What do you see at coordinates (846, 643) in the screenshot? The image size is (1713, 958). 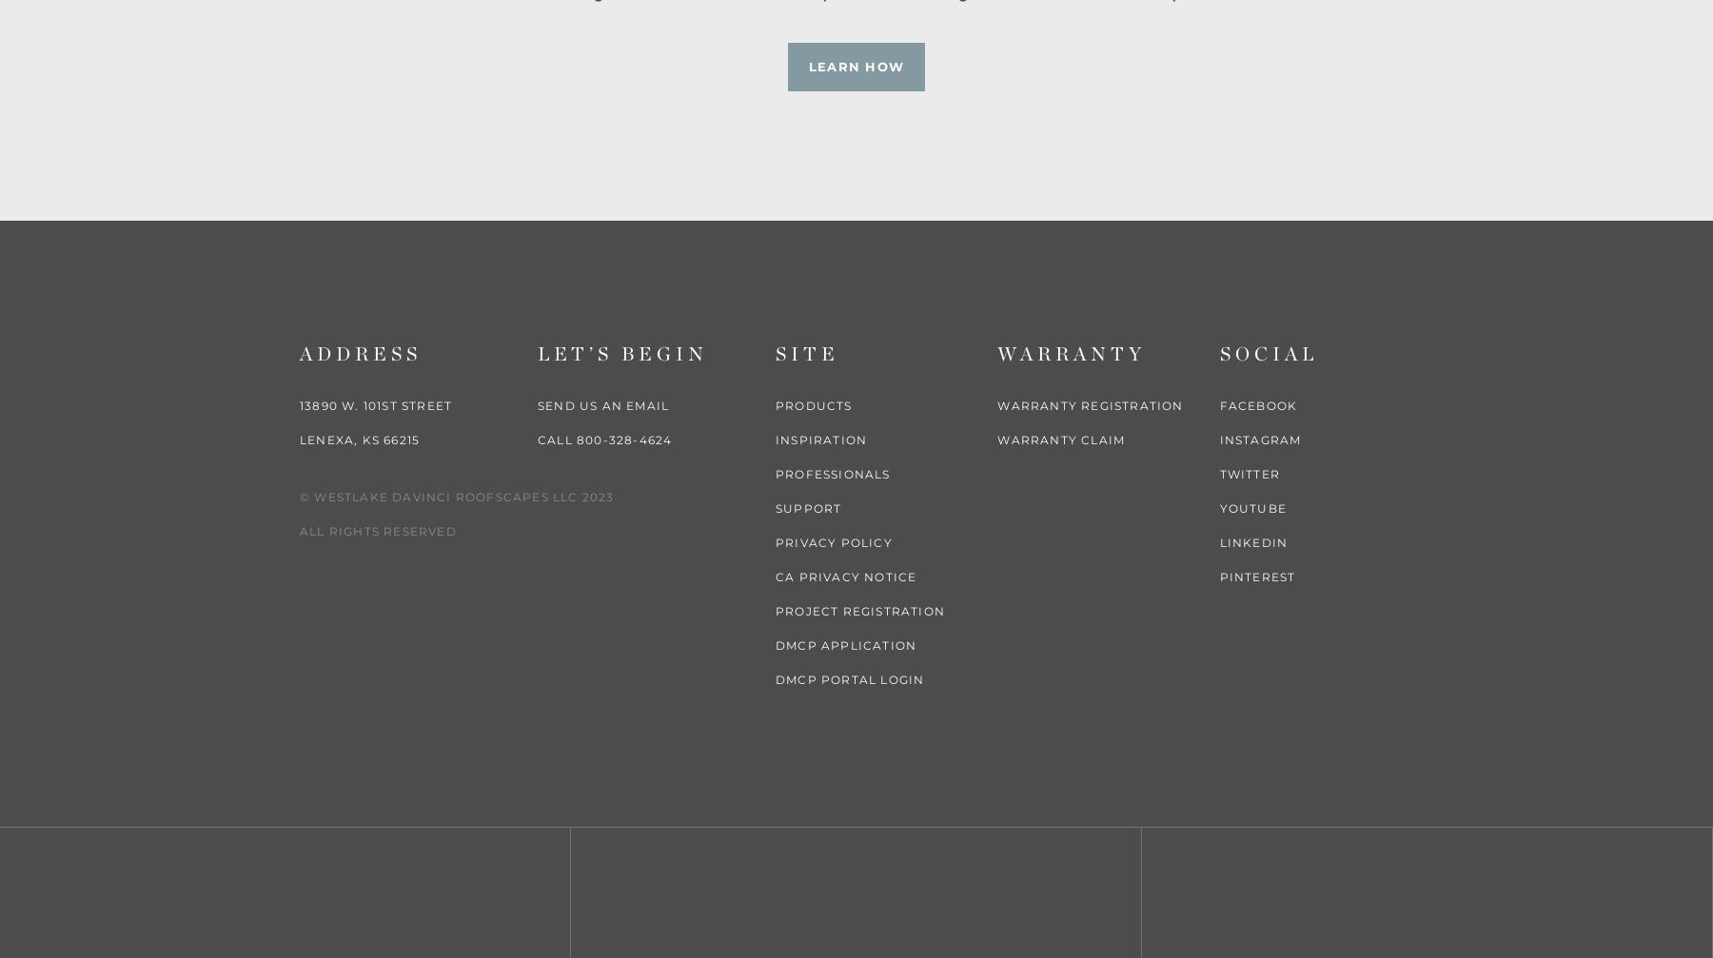 I see `'DMCP Application'` at bounding box center [846, 643].